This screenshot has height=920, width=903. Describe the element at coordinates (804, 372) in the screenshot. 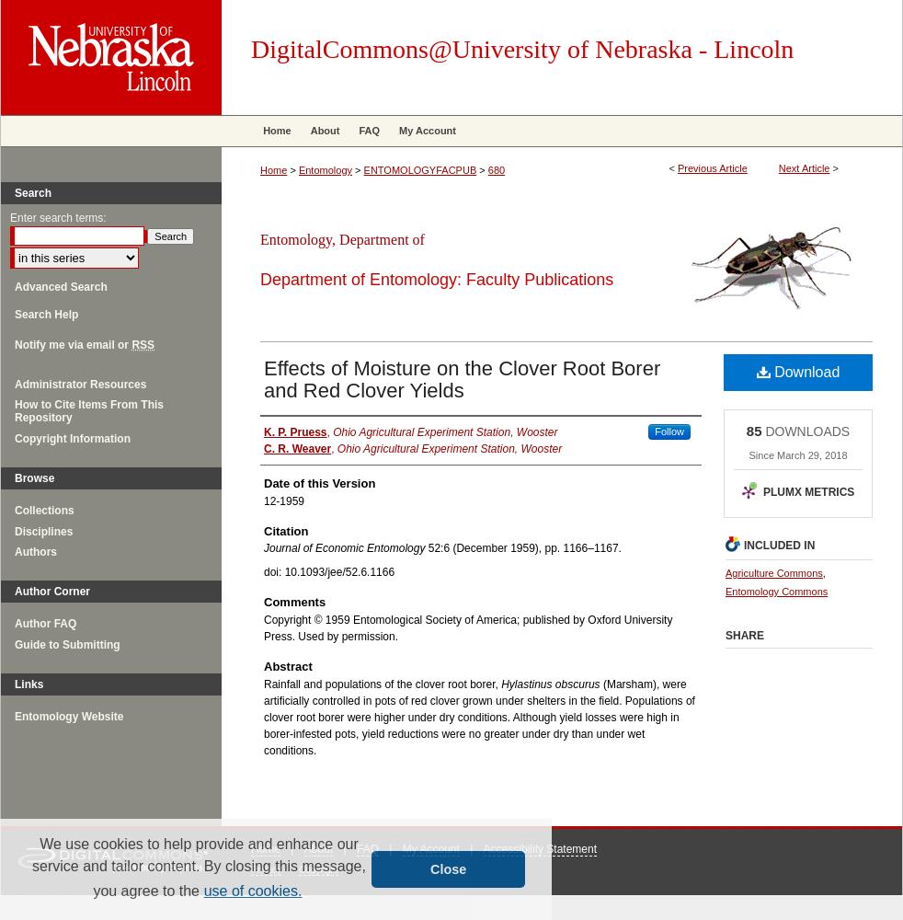

I see `'Download'` at that location.